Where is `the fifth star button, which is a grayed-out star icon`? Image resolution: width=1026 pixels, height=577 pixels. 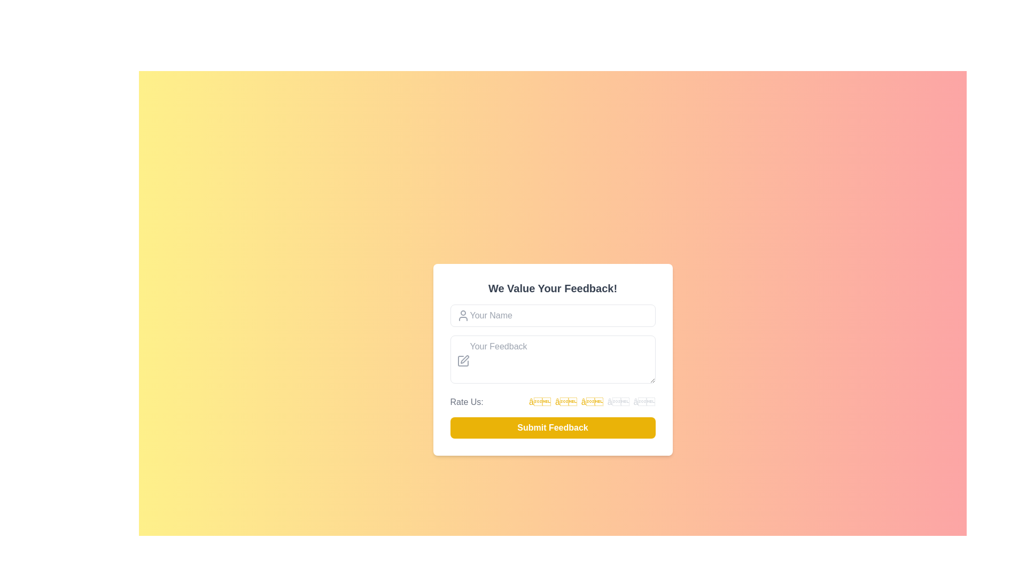
the fifth star button, which is a grayed-out star icon is located at coordinates (644, 402).